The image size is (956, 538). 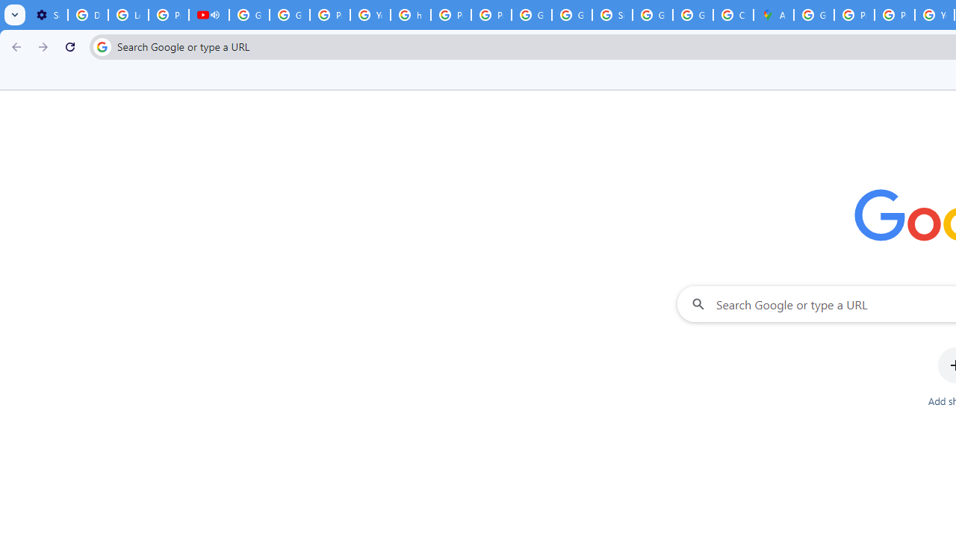 I want to click on 'Mute tab', so click(x=214, y=15).